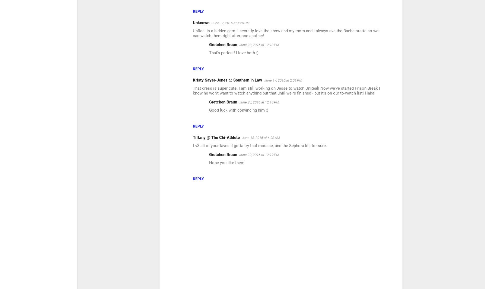  What do you see at coordinates (286, 91) in the screenshot?
I see `'That dress is super cute! I am still working on Jesse to watch UnReal! Now we've started Prison Break I know he won't want to watch anything but that until we're finished - but it's on our to-watch list! Haha!'` at bounding box center [286, 91].